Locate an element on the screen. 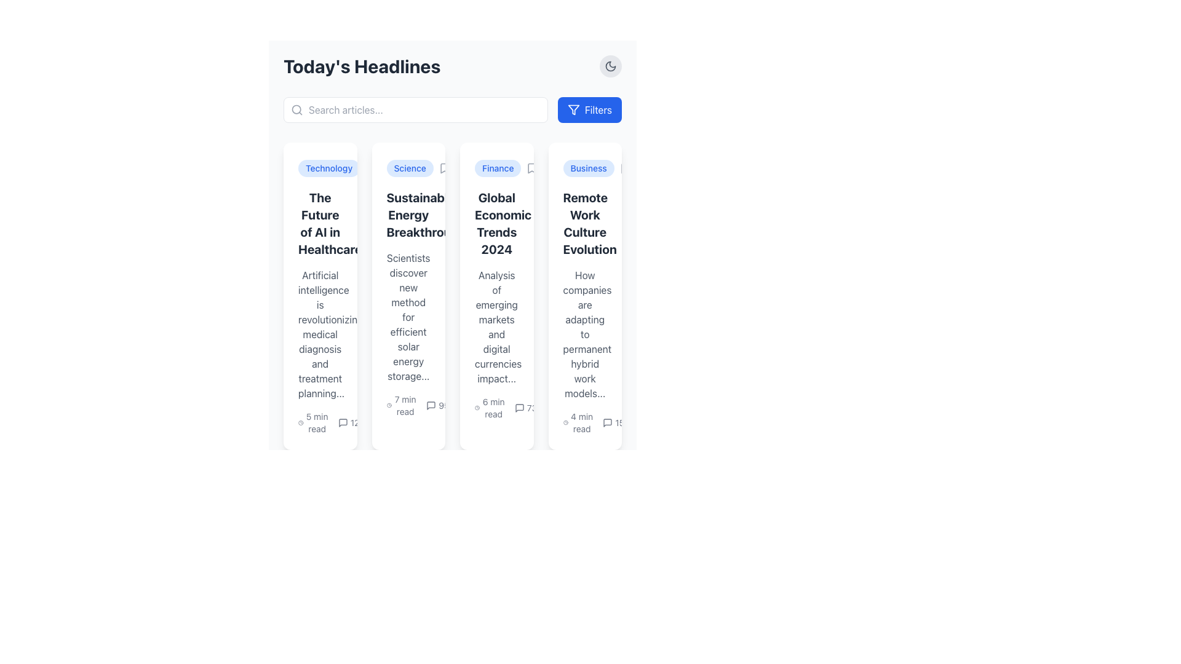  the speech bubble icon indicating comments, located next to the numeric indicator '73' in the third card titled 'Global Economic Trends 2024' is located at coordinates (519, 408).